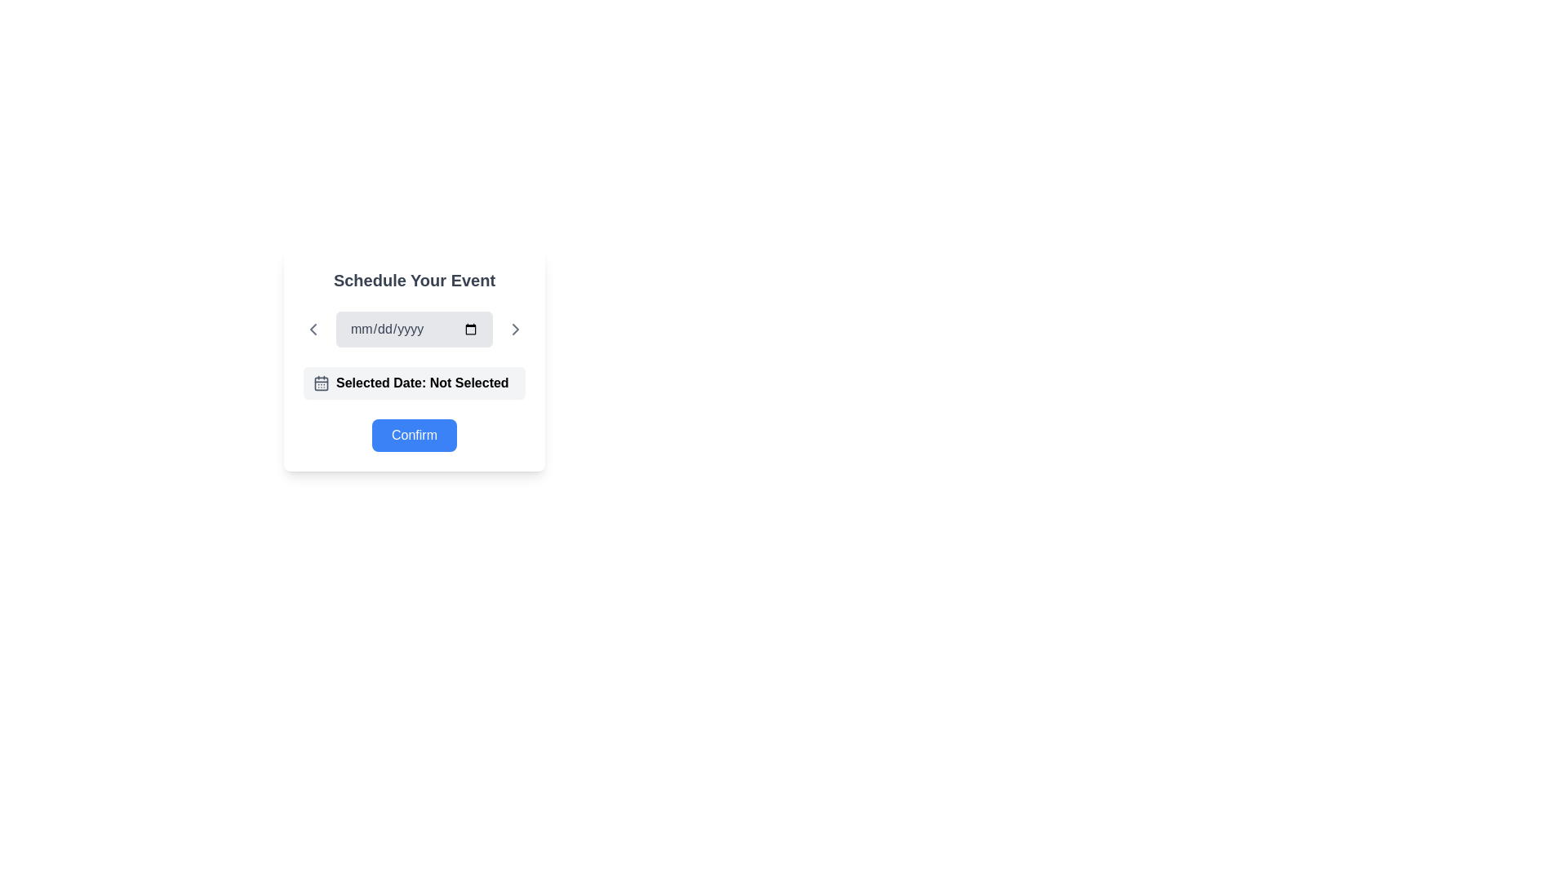 The image size is (1567, 881). I want to click on the 'Confirm' button with a blue background and white text, located at the bottom of the 'Schedule Your Event' dialog box, to confirm the action, so click(415, 434).